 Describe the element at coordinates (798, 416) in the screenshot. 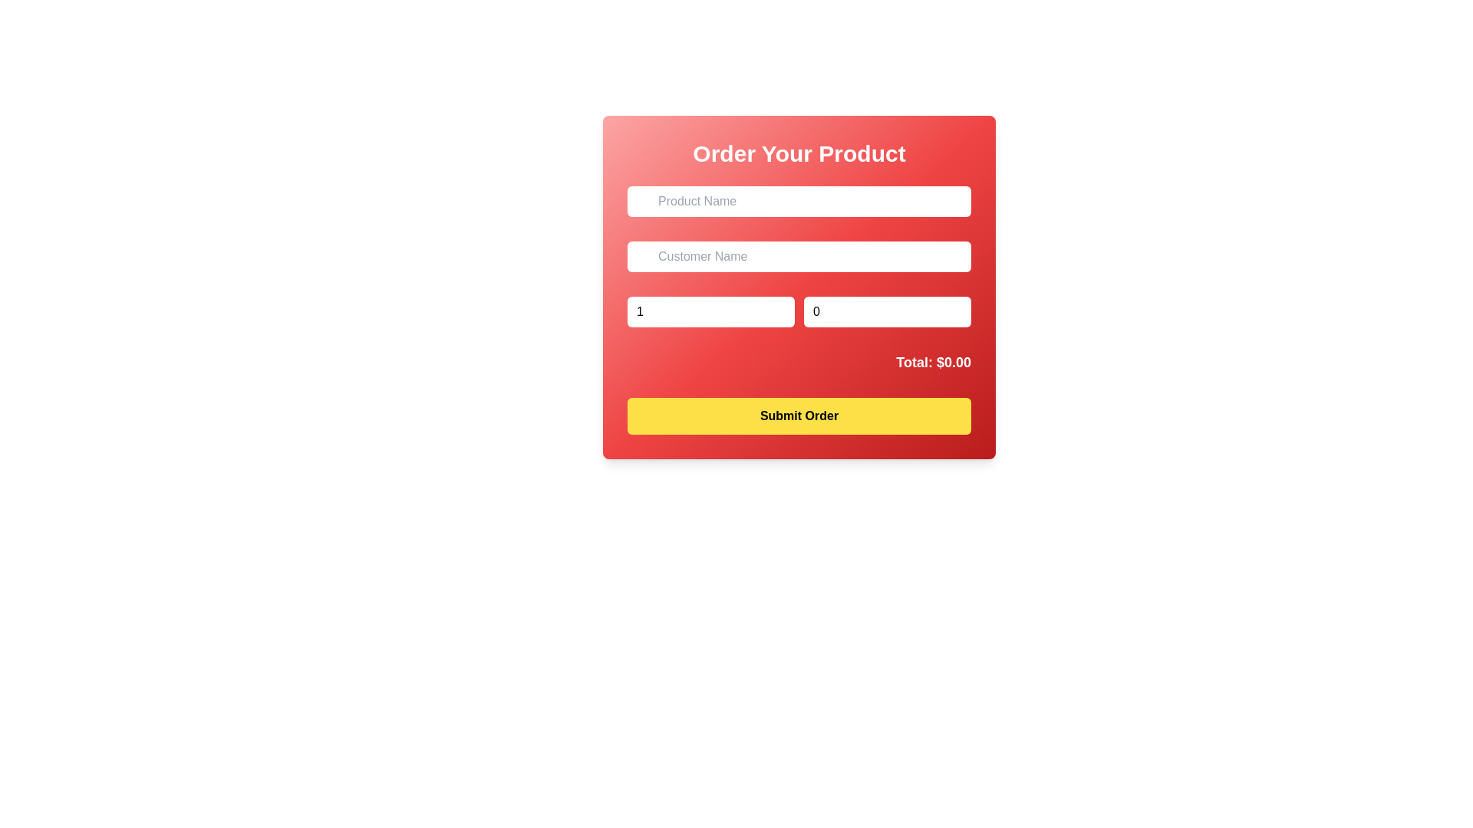

I see `the 'Submit Order' button, which is a rectangular button with rounded corners and a yellow background, located at the bottom of the 'Order Your Product' panel` at that location.